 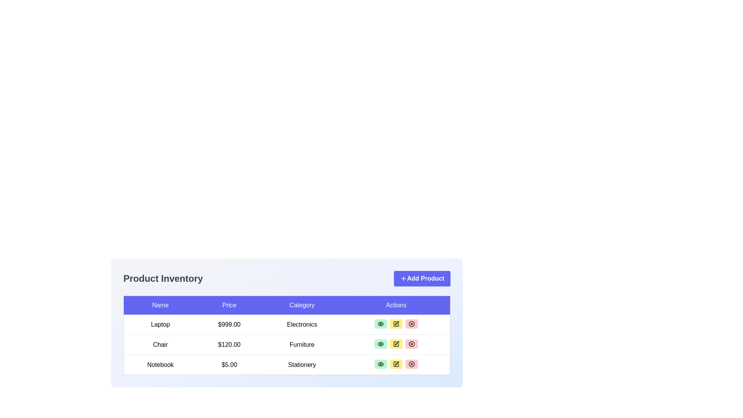 What do you see at coordinates (396, 364) in the screenshot?
I see `the rounded rectangular yellow button with a pen icon in the 'Actions' column of the last row` at bounding box center [396, 364].